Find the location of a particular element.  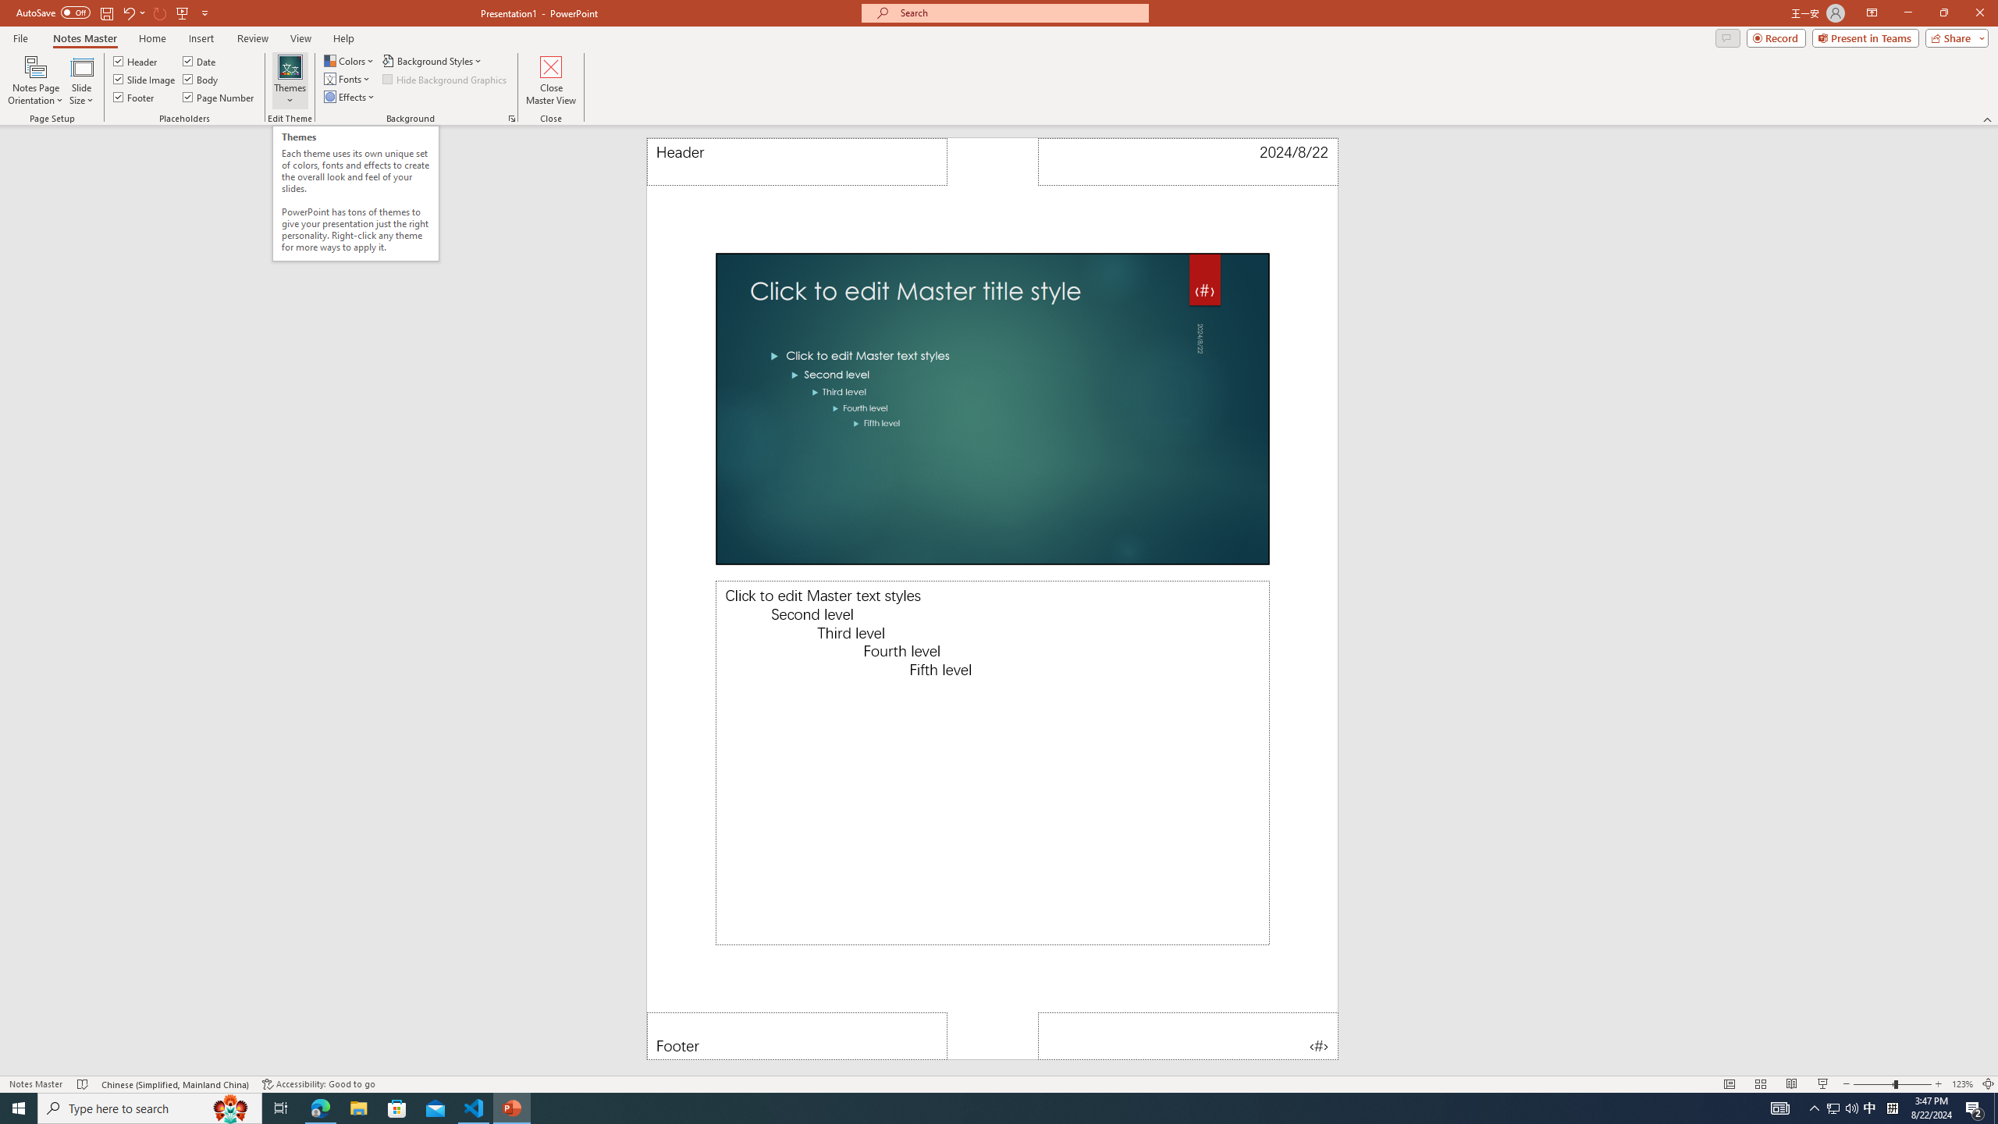

'Slide Size' is located at coordinates (80, 80).